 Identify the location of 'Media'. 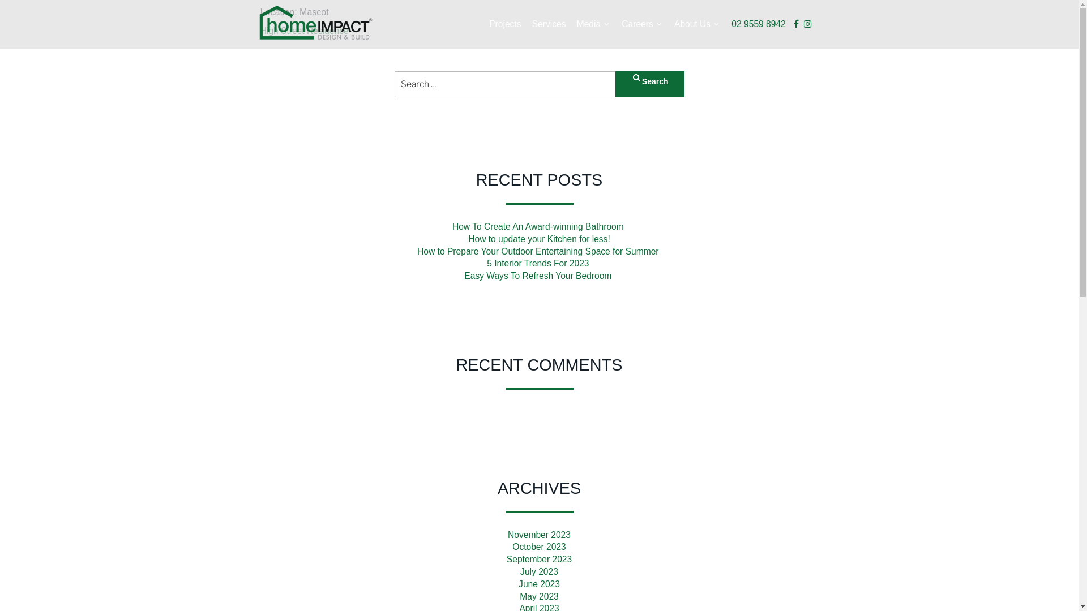
(593, 24).